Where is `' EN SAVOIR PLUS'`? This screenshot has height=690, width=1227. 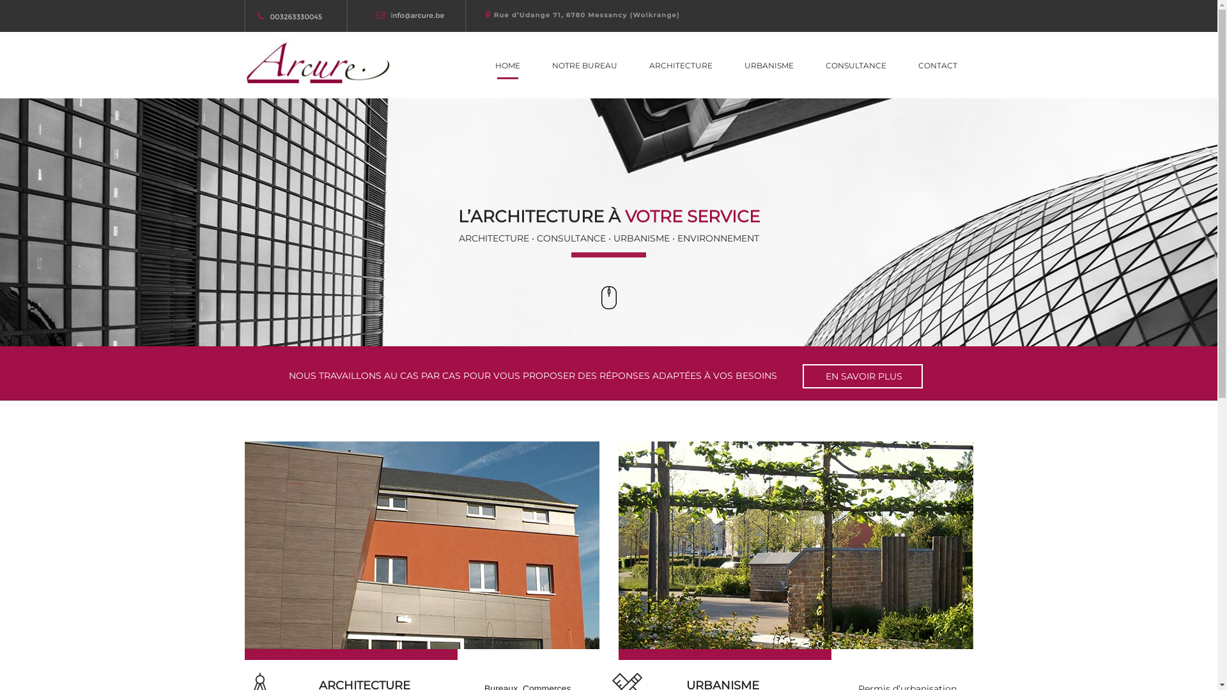 ' EN SAVOIR PLUS' is located at coordinates (802, 376).